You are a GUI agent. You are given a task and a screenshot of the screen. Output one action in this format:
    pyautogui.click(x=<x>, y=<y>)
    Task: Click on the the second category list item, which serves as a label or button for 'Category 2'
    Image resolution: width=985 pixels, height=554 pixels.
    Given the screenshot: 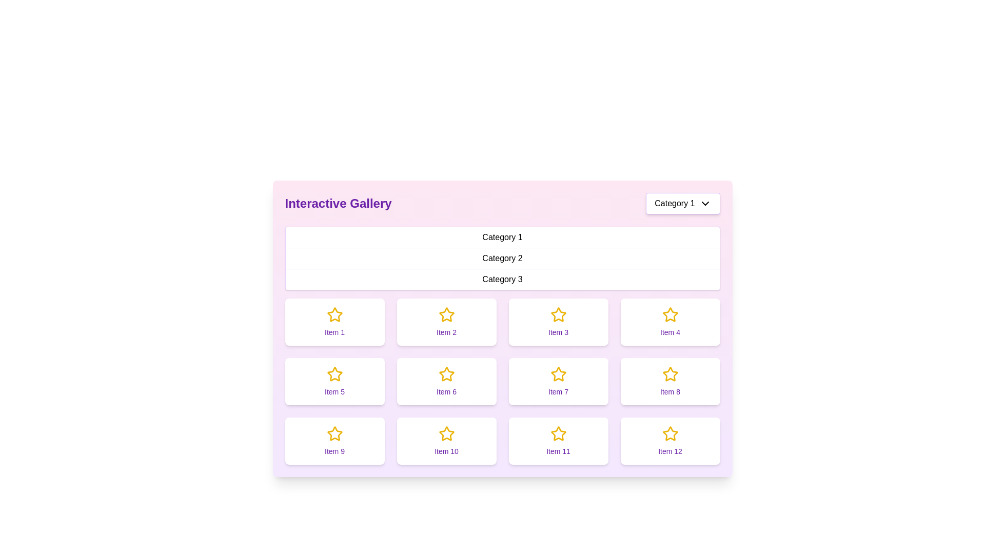 What is the action you would take?
    pyautogui.click(x=502, y=258)
    